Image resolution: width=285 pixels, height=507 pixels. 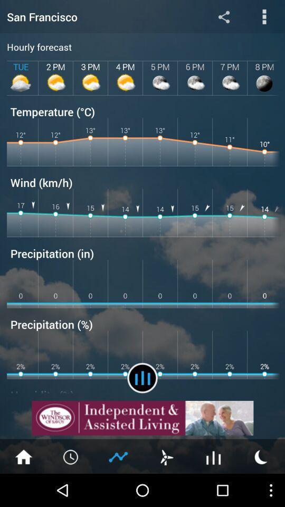 I want to click on the weather icon, so click(x=166, y=489).